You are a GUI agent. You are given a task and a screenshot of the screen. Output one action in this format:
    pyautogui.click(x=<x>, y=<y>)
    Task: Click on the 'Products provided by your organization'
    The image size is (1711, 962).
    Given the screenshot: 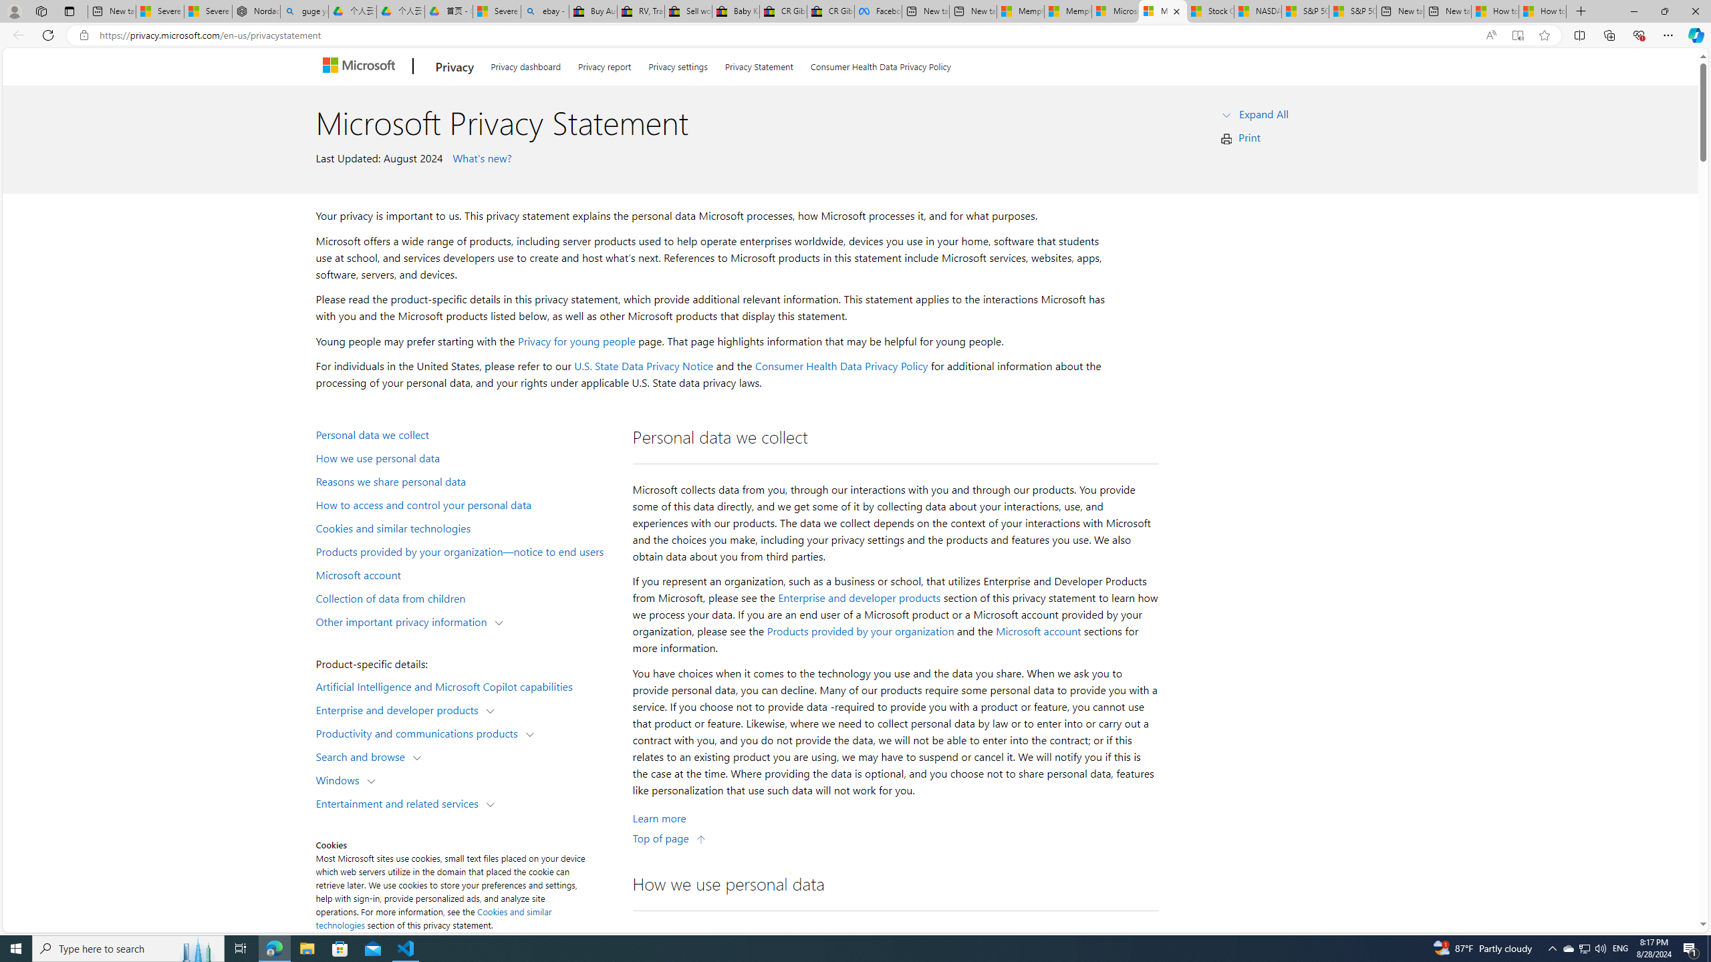 What is the action you would take?
    pyautogui.click(x=860, y=631)
    